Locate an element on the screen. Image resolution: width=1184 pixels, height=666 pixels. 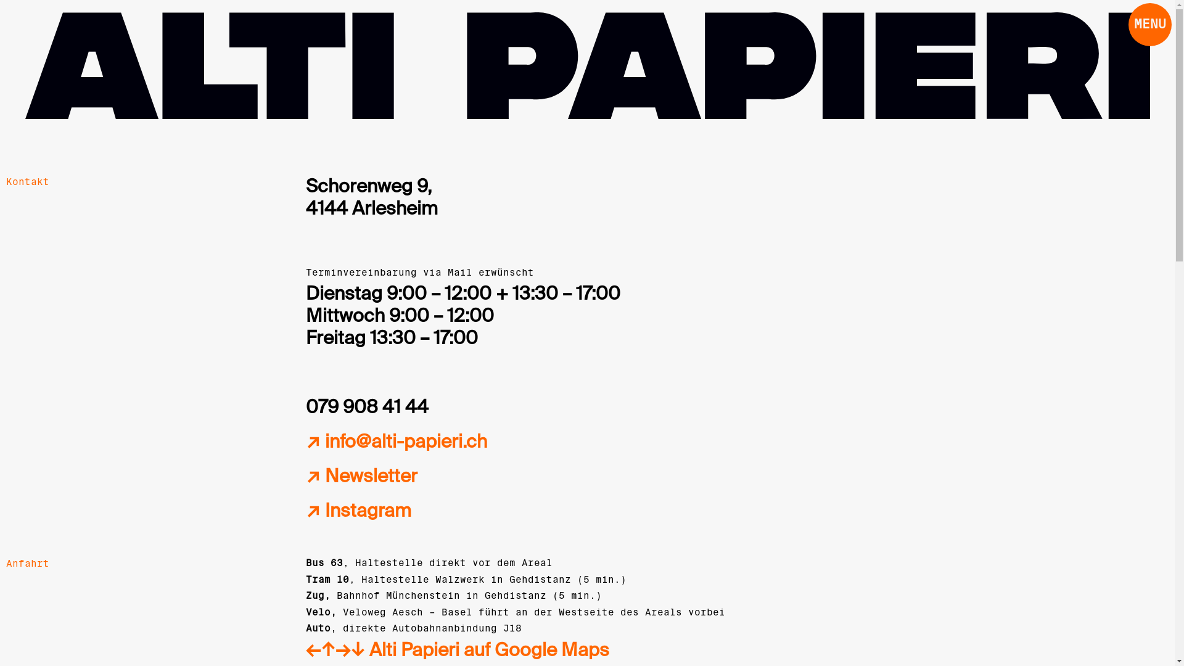
'MENU' is located at coordinates (1149, 23).